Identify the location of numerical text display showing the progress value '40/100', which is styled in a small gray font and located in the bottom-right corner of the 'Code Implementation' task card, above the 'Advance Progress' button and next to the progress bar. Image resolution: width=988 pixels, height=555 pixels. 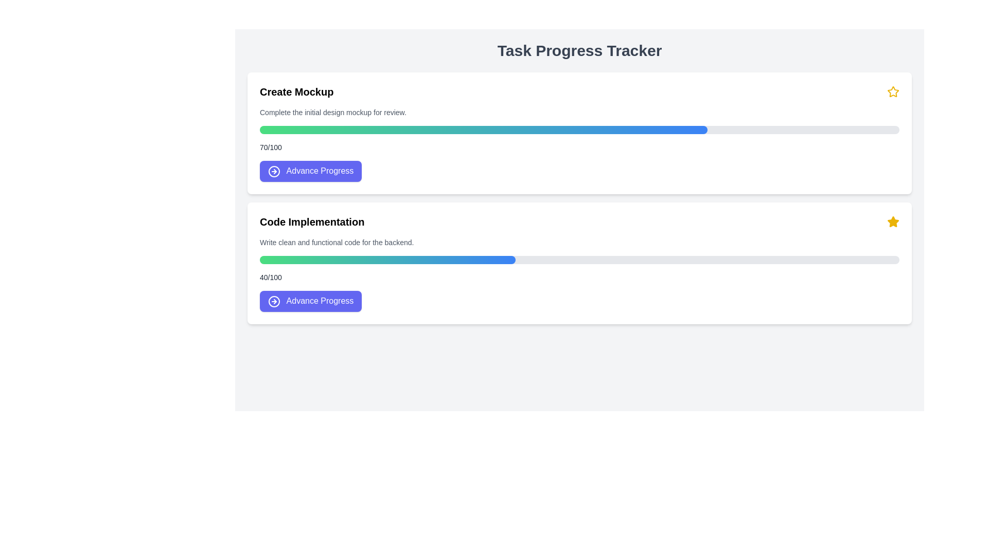
(271, 276).